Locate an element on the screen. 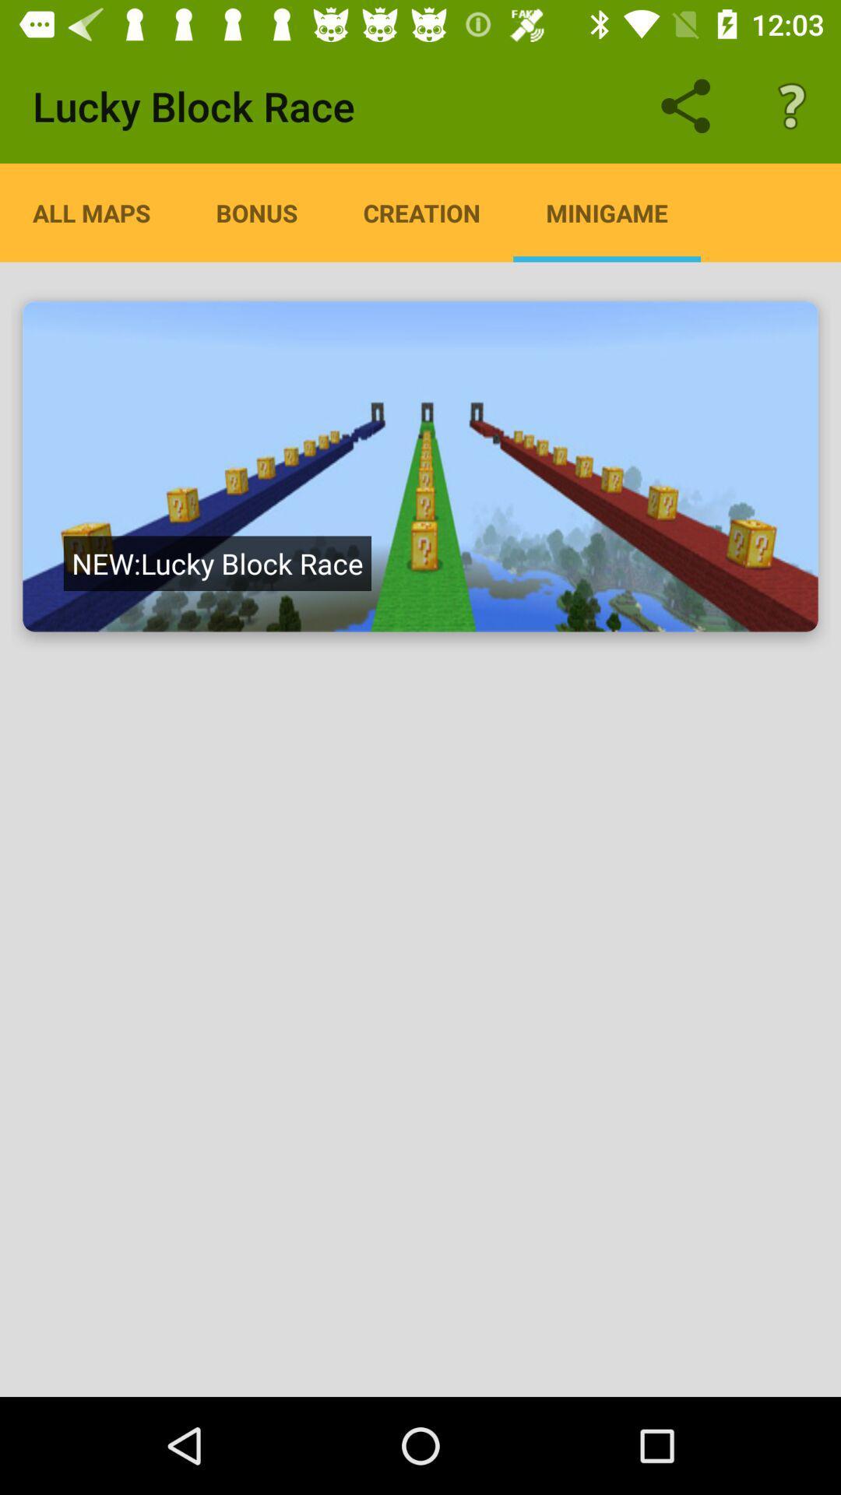 This screenshot has height=1495, width=841. minigame app is located at coordinates (606, 212).